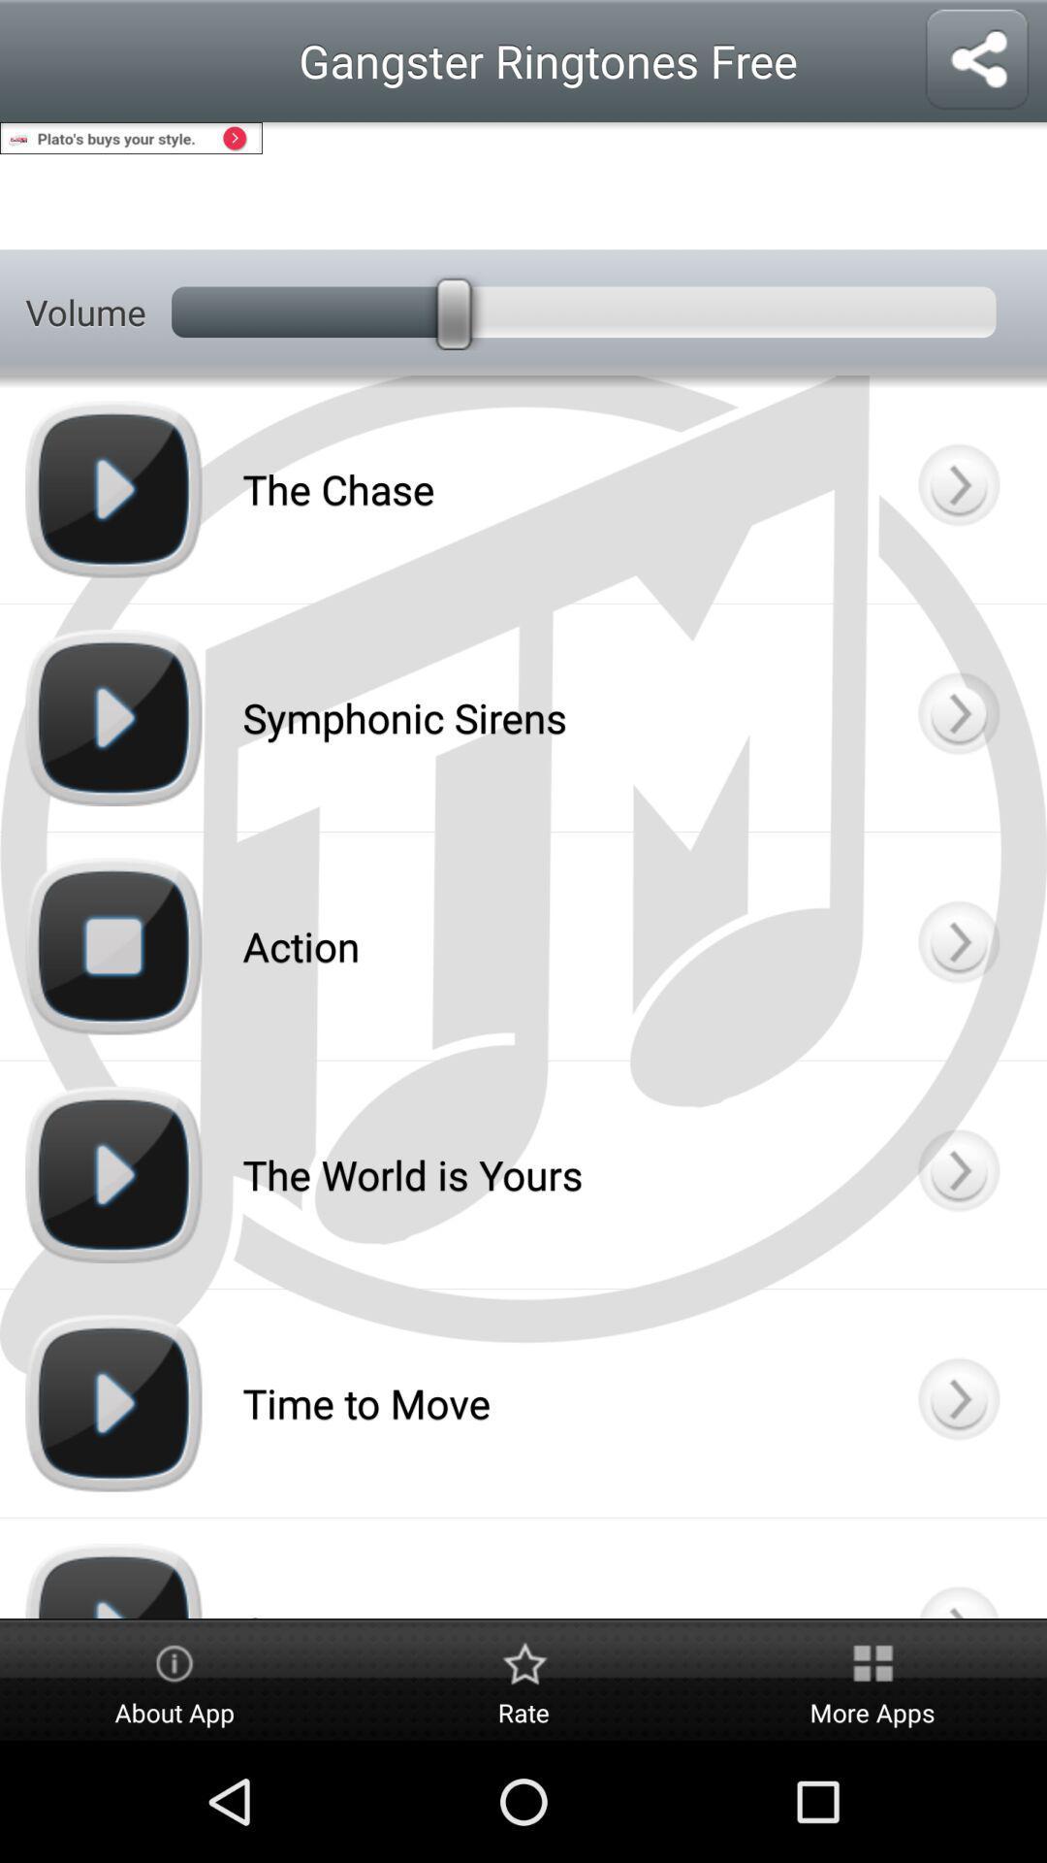 Image resolution: width=1047 pixels, height=1863 pixels. What do you see at coordinates (957, 946) in the screenshot?
I see `go next` at bounding box center [957, 946].